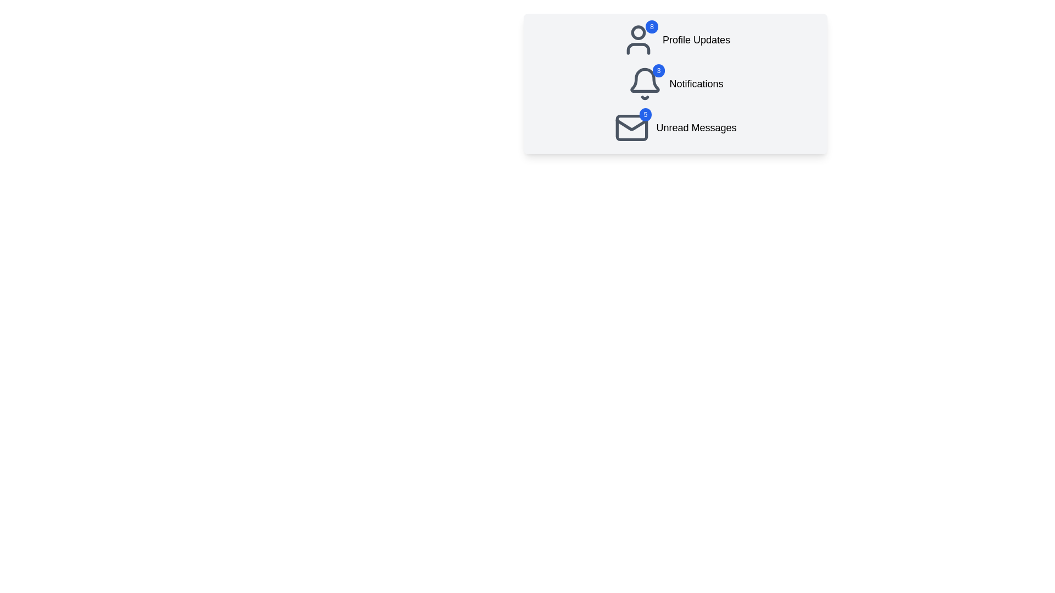 The width and height of the screenshot is (1055, 593). Describe the element at coordinates (632, 127) in the screenshot. I see `the envelope icon with a blue badge showing '5'` at that location.